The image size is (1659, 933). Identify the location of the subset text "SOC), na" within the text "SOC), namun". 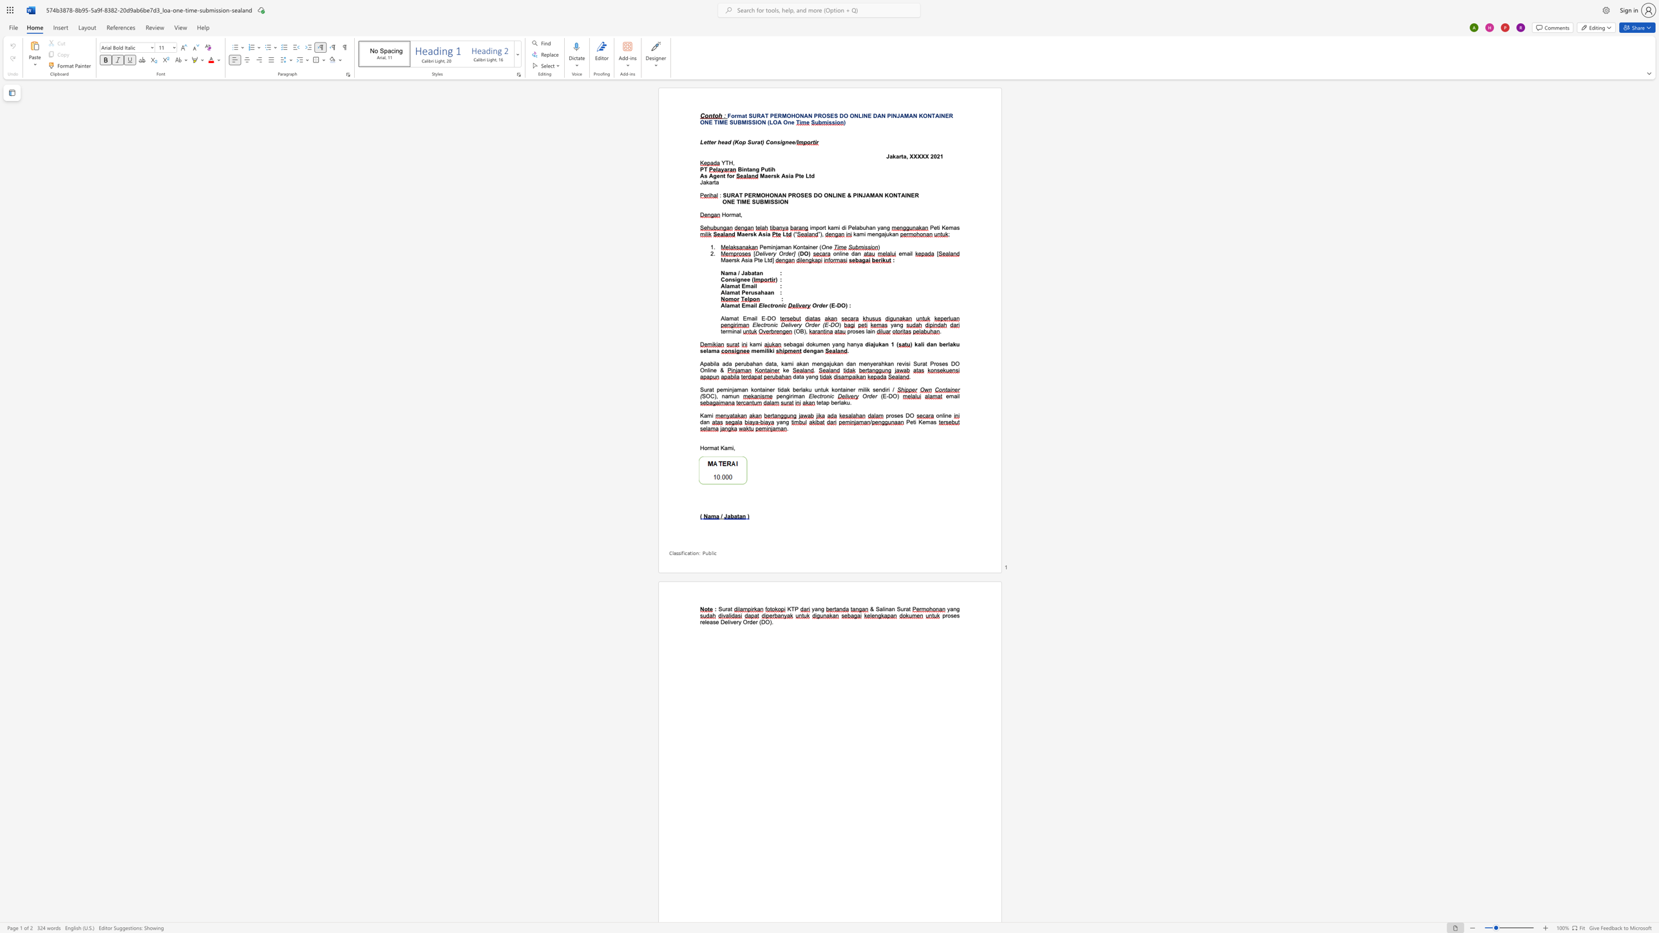
(701, 395).